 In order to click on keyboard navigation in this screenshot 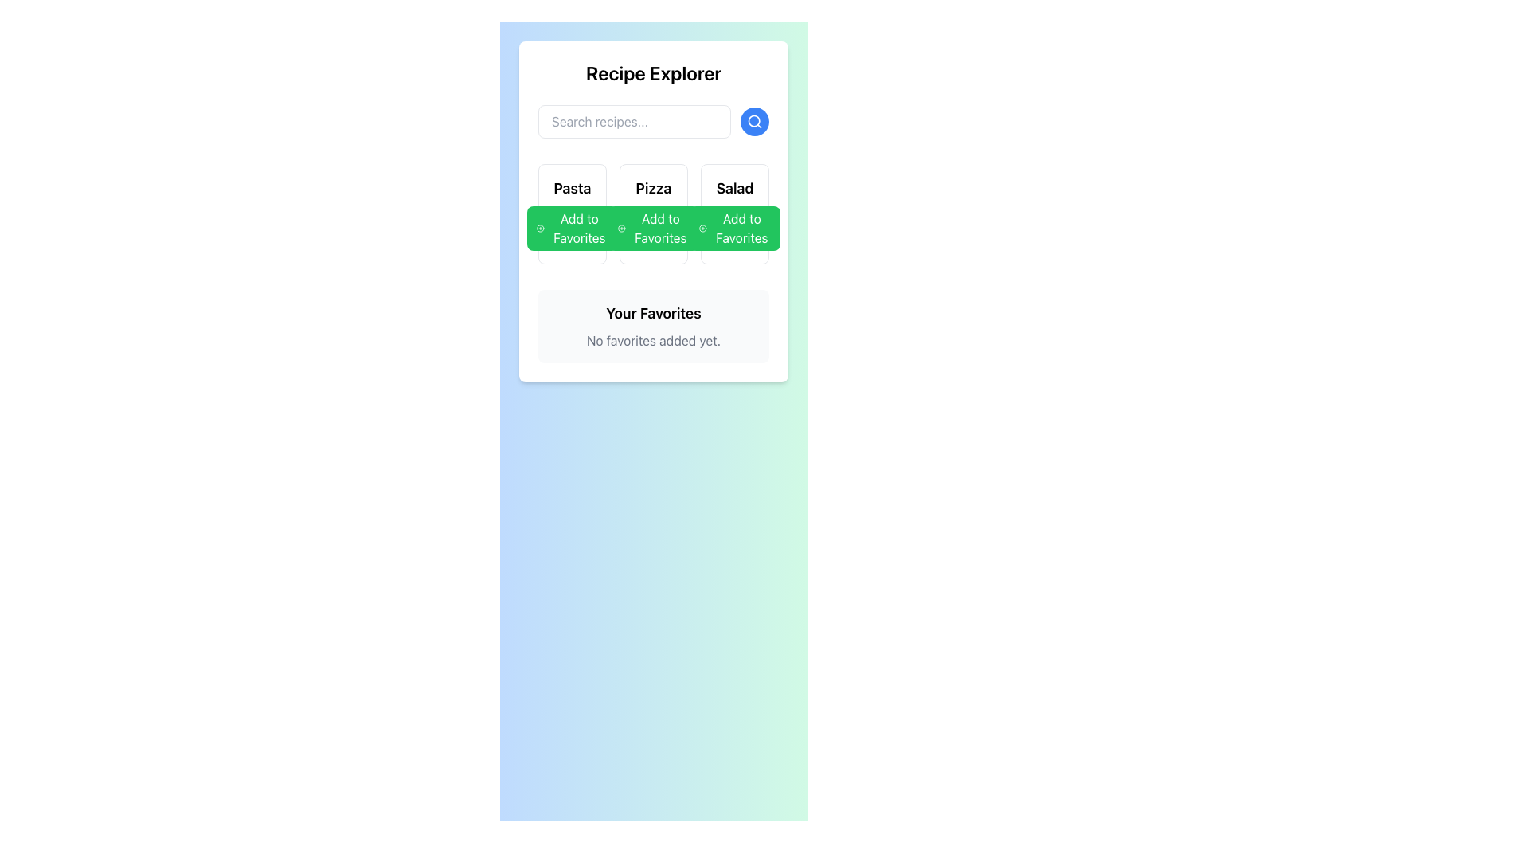, I will do `click(541, 228)`.